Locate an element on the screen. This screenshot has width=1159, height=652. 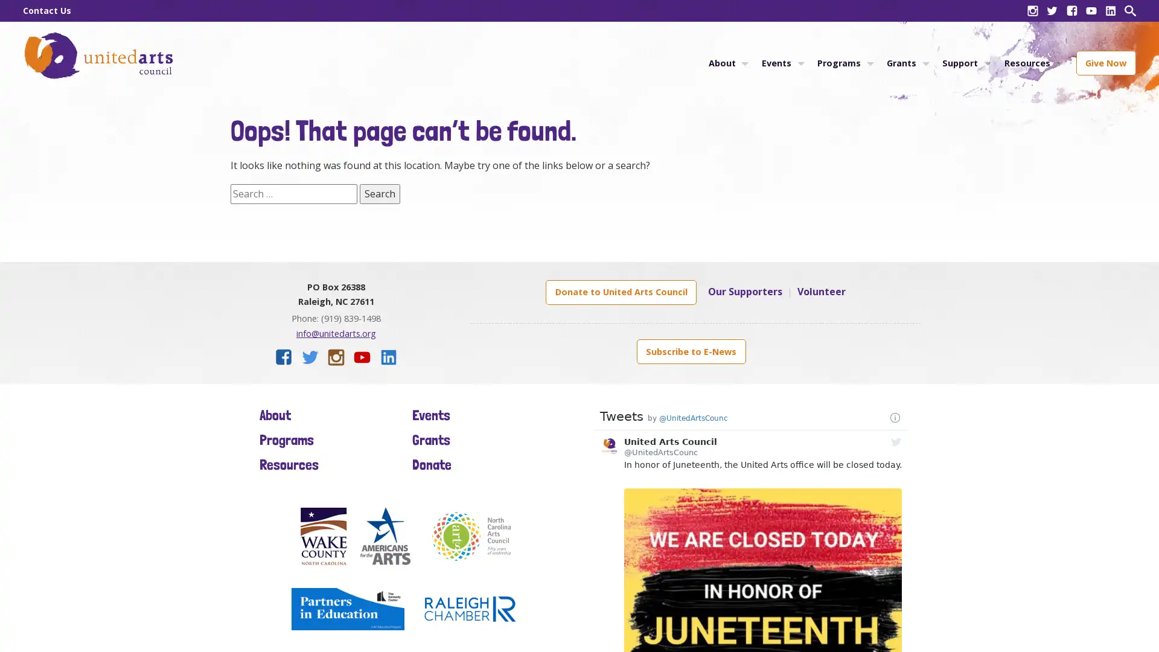
Search is located at coordinates (379, 193).